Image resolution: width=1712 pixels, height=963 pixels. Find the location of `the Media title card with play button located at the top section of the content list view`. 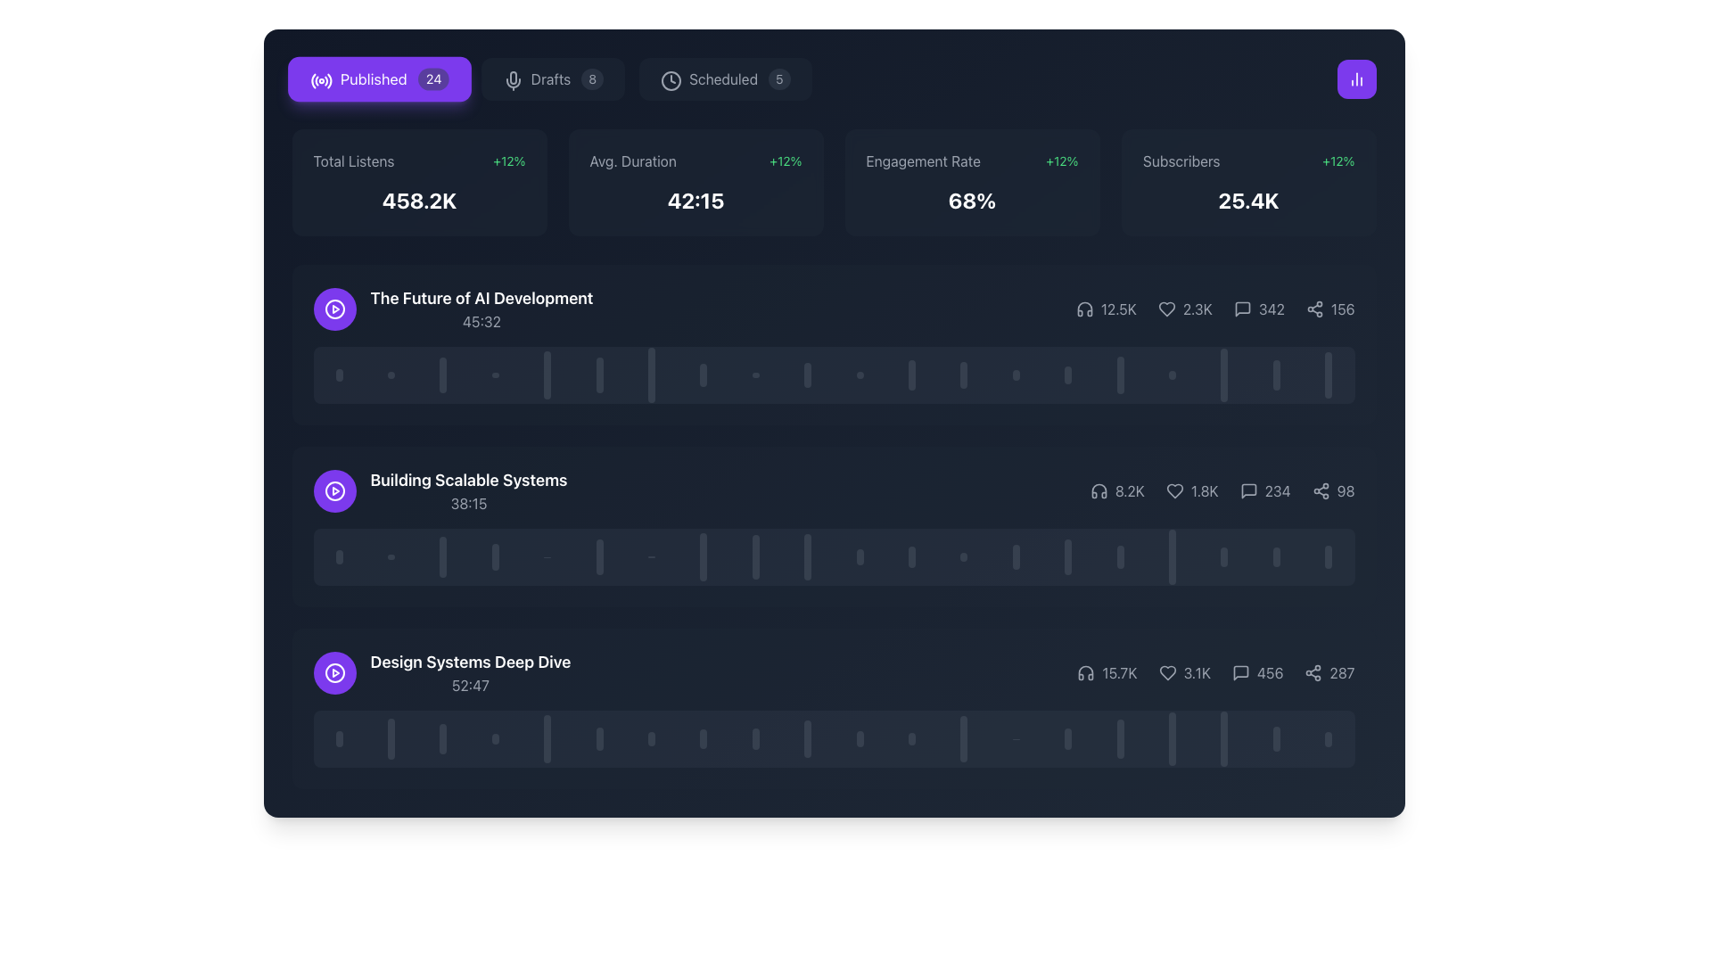

the Media title card with play button located at the top section of the content list view is located at coordinates (453, 309).